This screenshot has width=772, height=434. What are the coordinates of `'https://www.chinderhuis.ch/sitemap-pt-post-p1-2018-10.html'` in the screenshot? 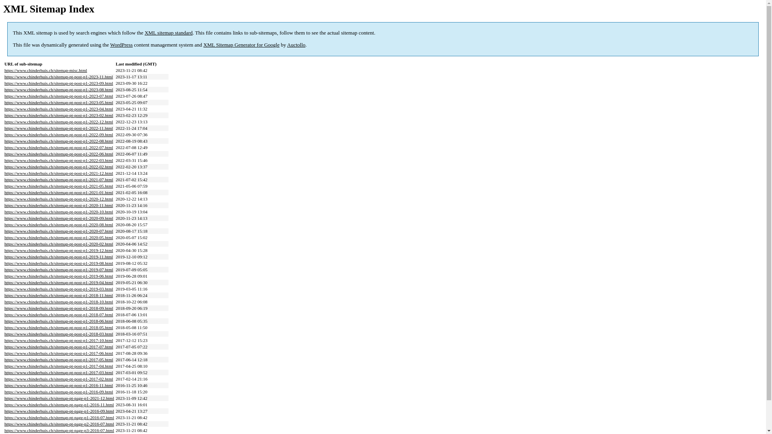 It's located at (58, 302).